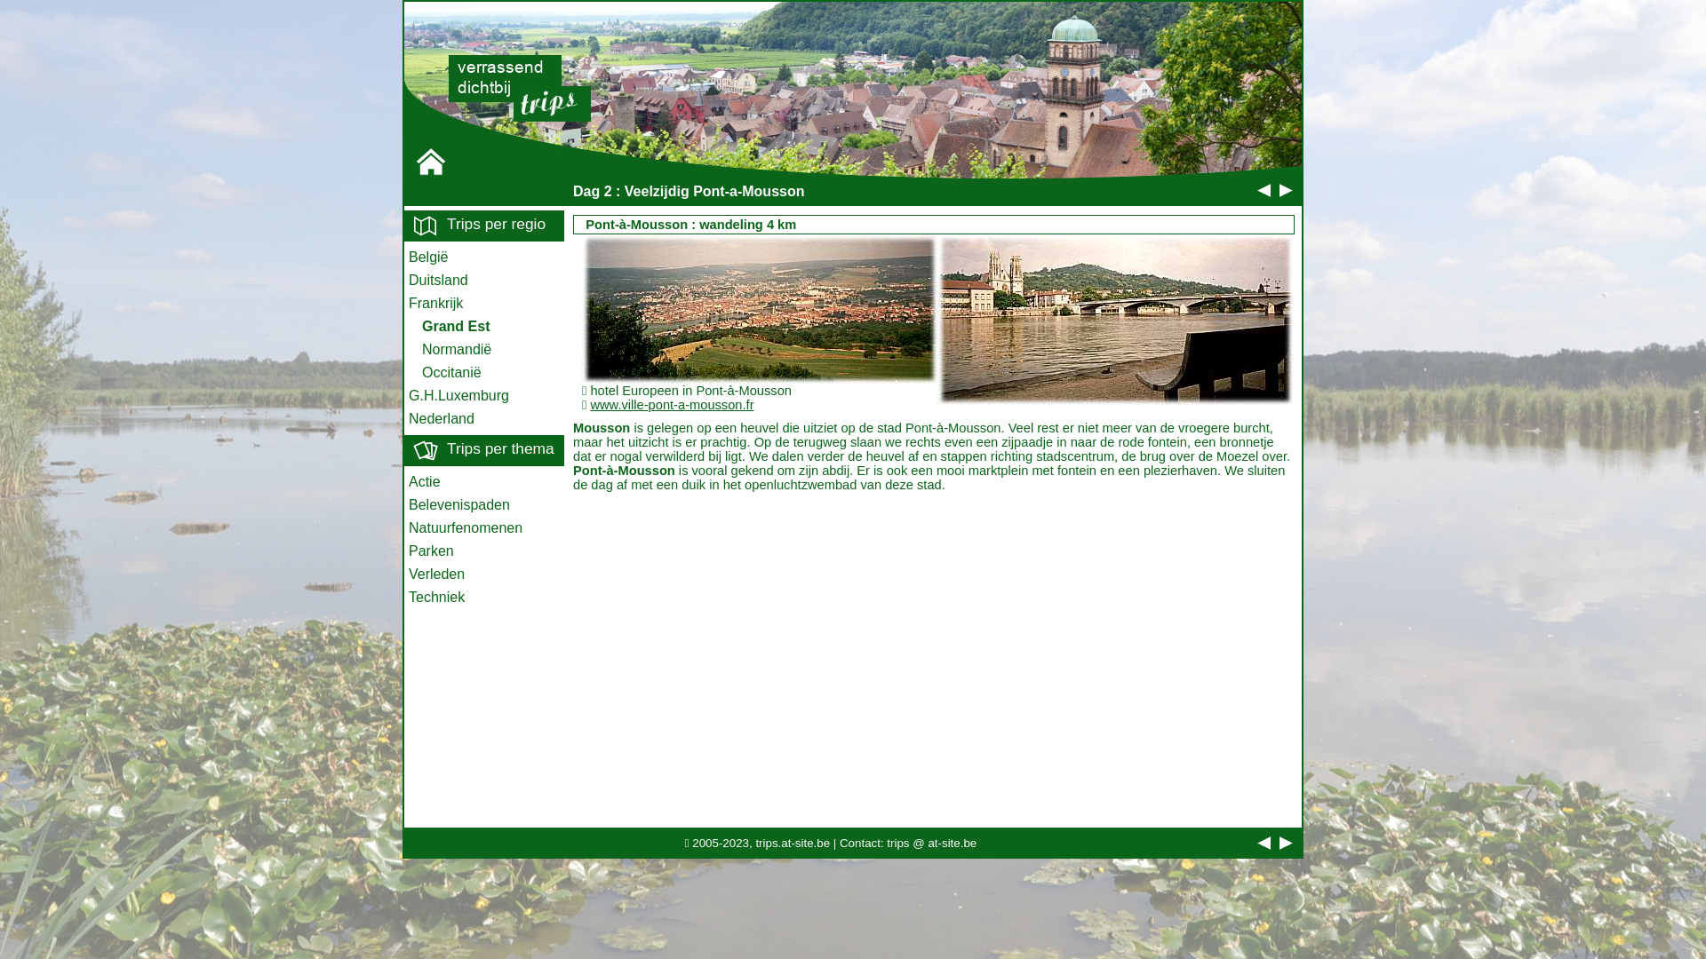 The image size is (1706, 959). I want to click on 'www.ville-pont-a-mousson.fr', so click(670, 404).